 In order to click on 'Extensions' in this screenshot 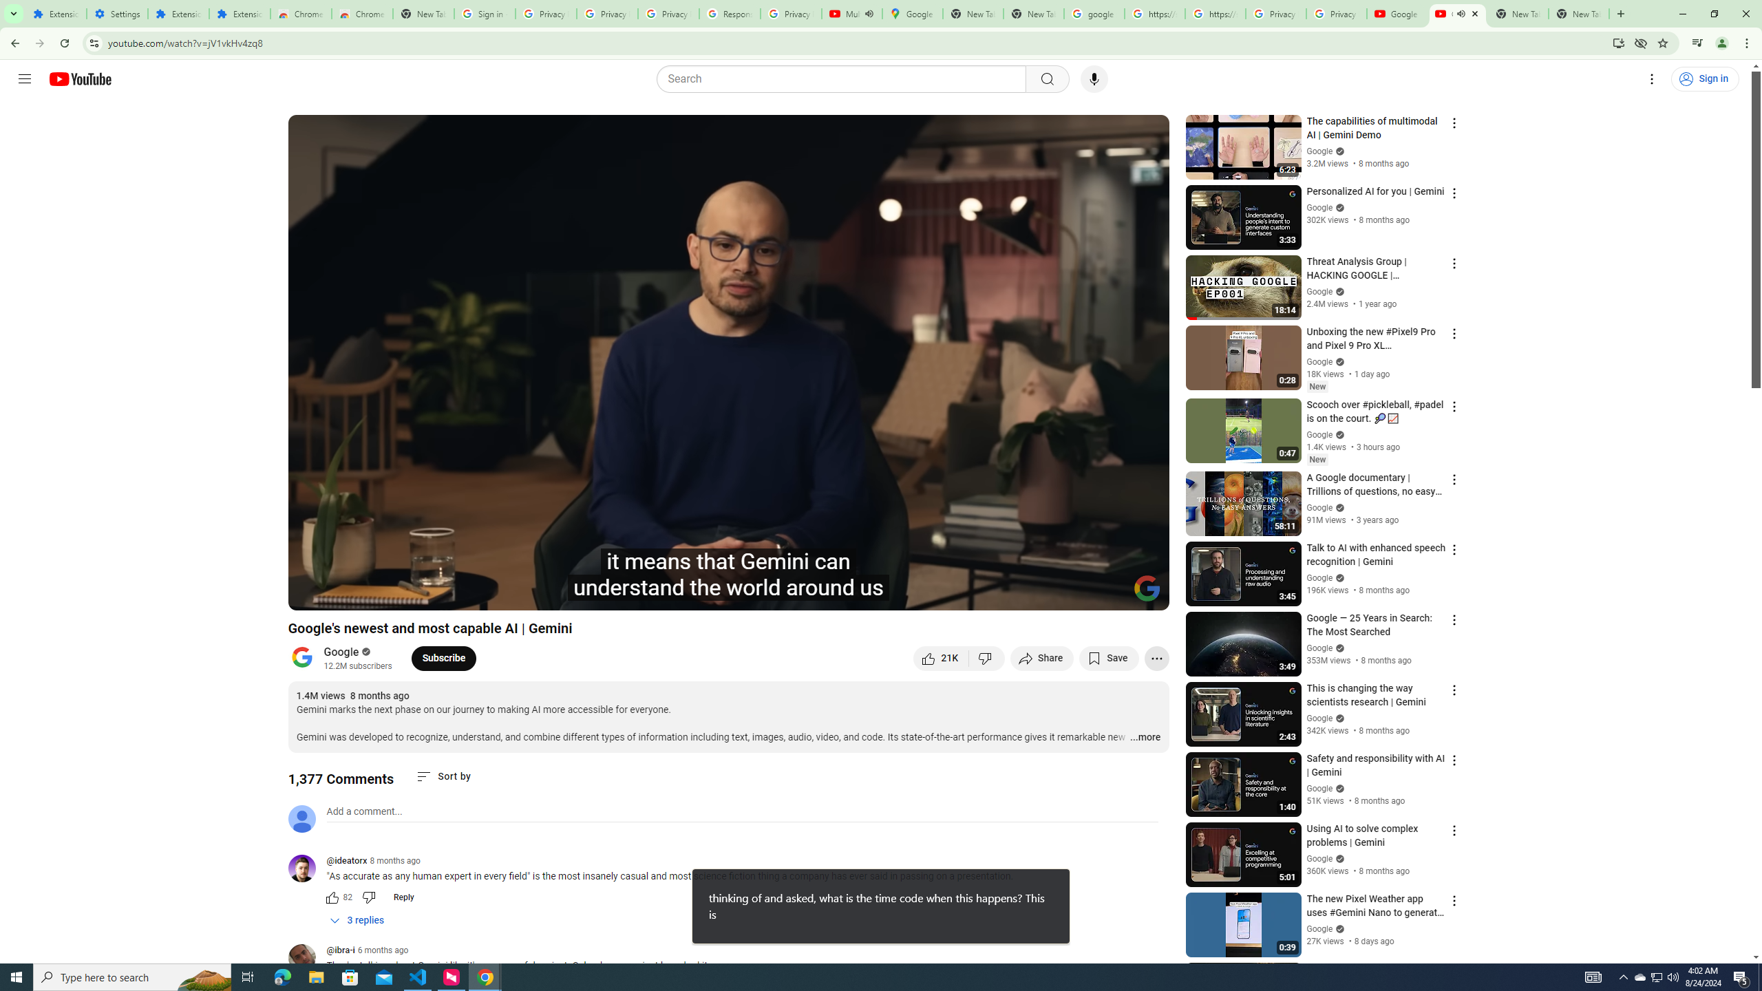, I will do `click(239, 13)`.